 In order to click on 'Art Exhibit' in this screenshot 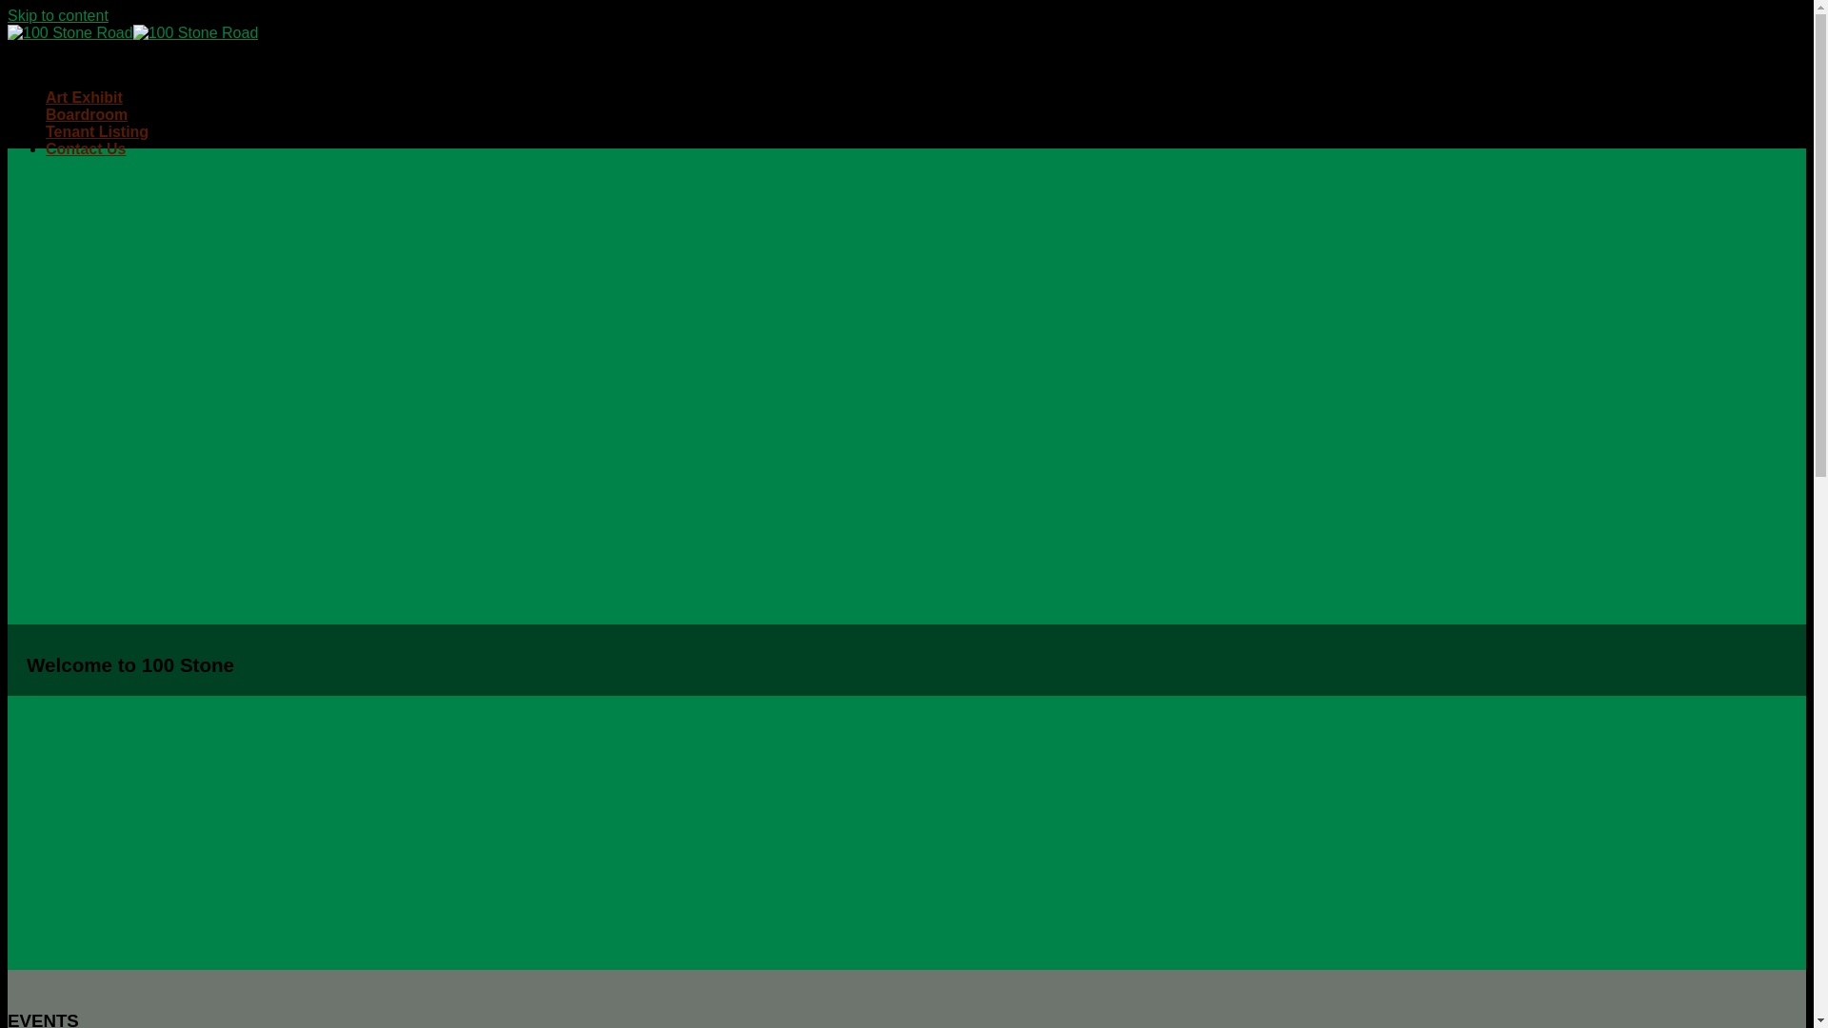, I will do `click(83, 97)`.